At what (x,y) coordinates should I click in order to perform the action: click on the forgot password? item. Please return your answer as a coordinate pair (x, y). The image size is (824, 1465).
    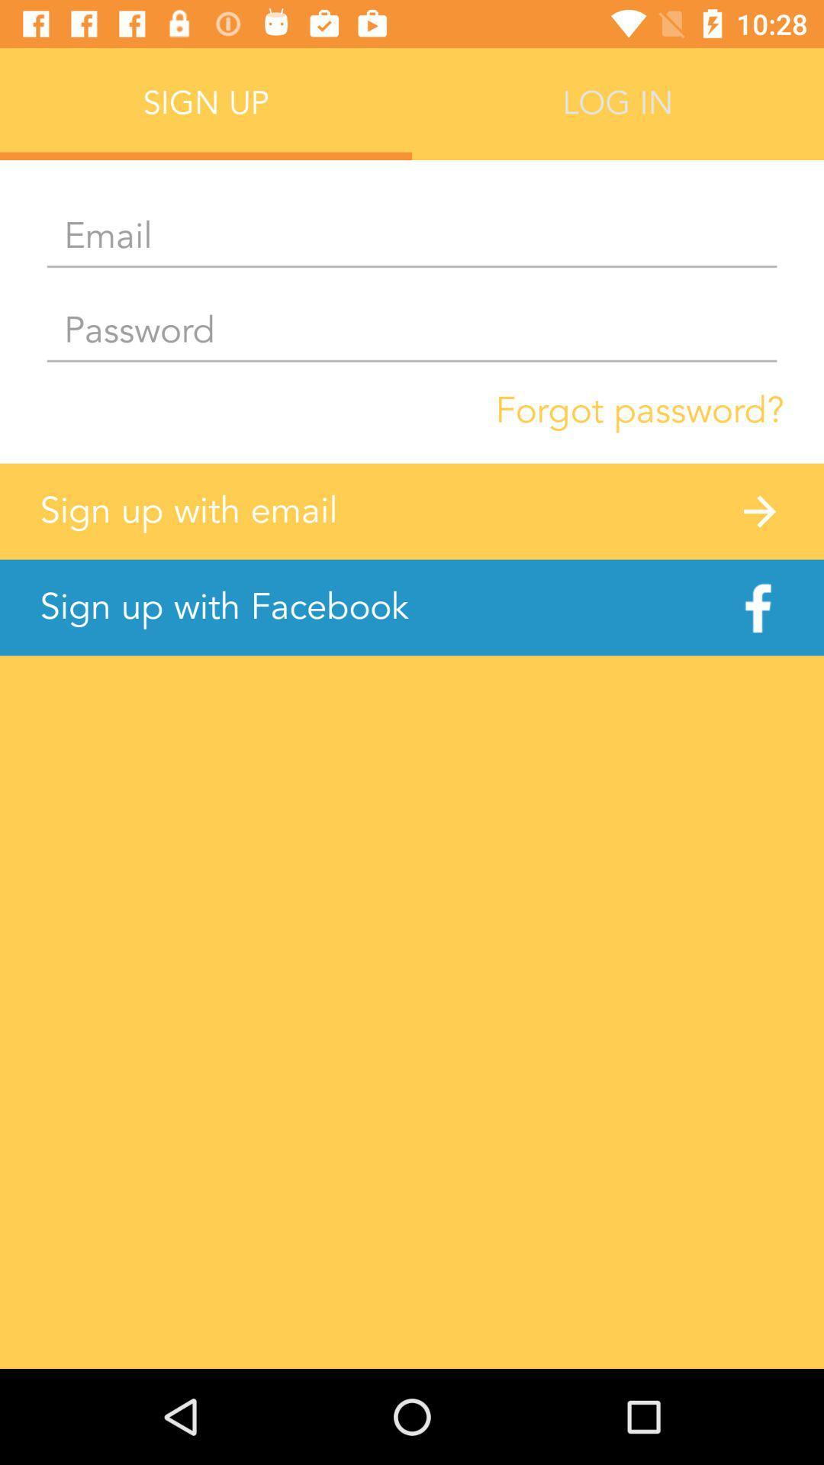
    Looking at the image, I should click on (639, 411).